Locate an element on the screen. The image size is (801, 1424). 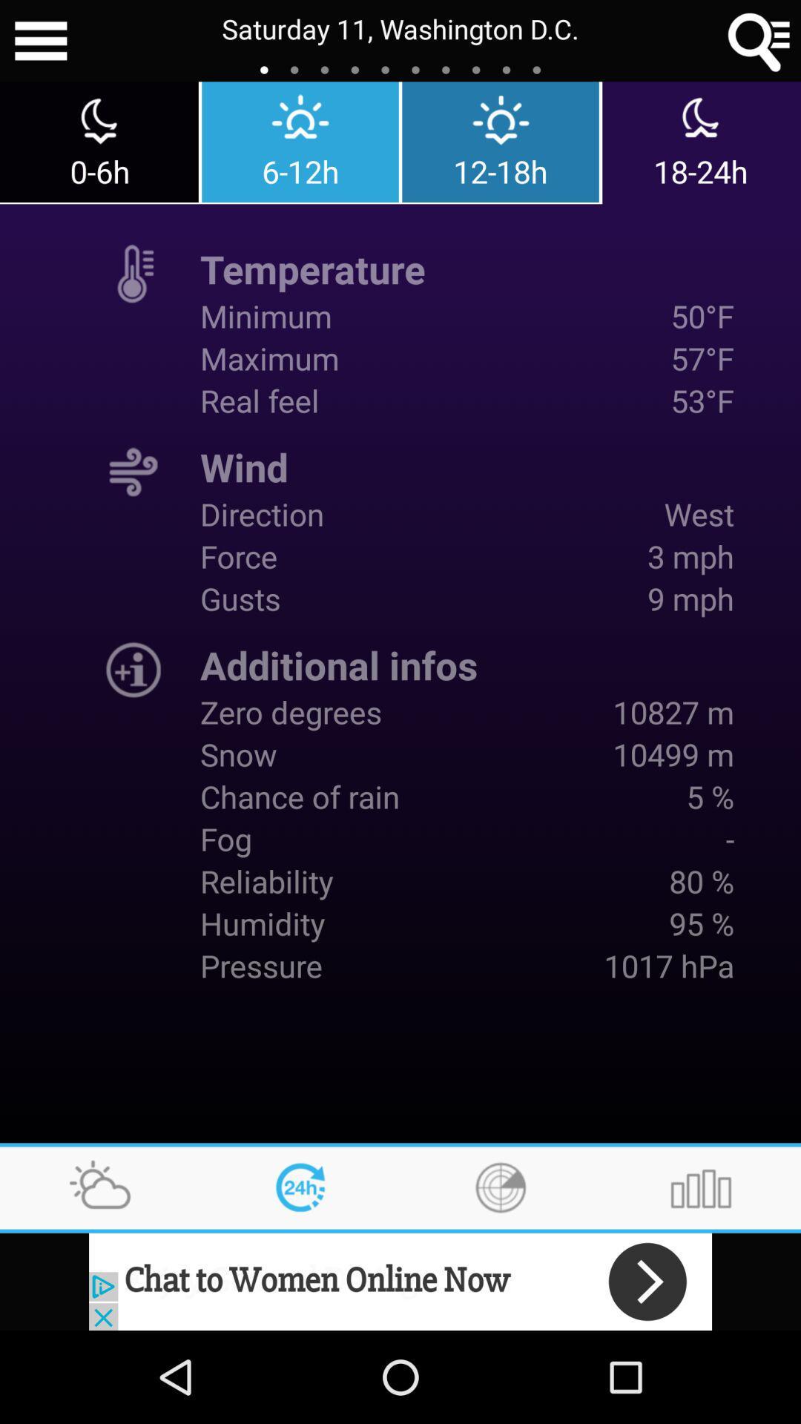
the menu icon is located at coordinates (40, 43).